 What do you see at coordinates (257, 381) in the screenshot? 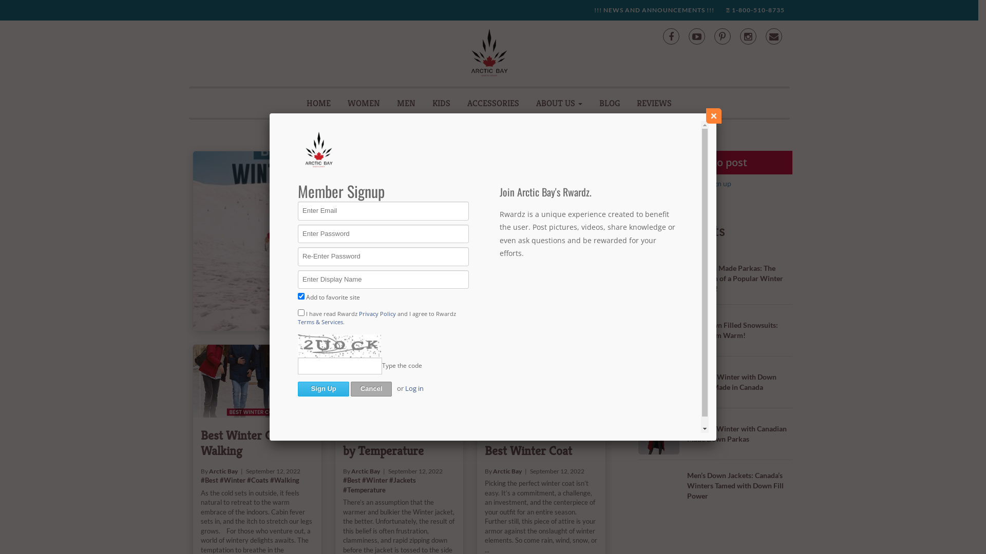
I see `'Best Winter Coats for Walking'` at bounding box center [257, 381].